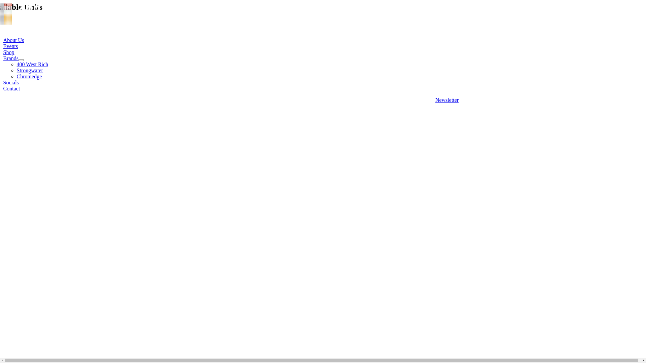  Describe the element at coordinates (447, 100) in the screenshot. I see `'Newsletter'` at that location.